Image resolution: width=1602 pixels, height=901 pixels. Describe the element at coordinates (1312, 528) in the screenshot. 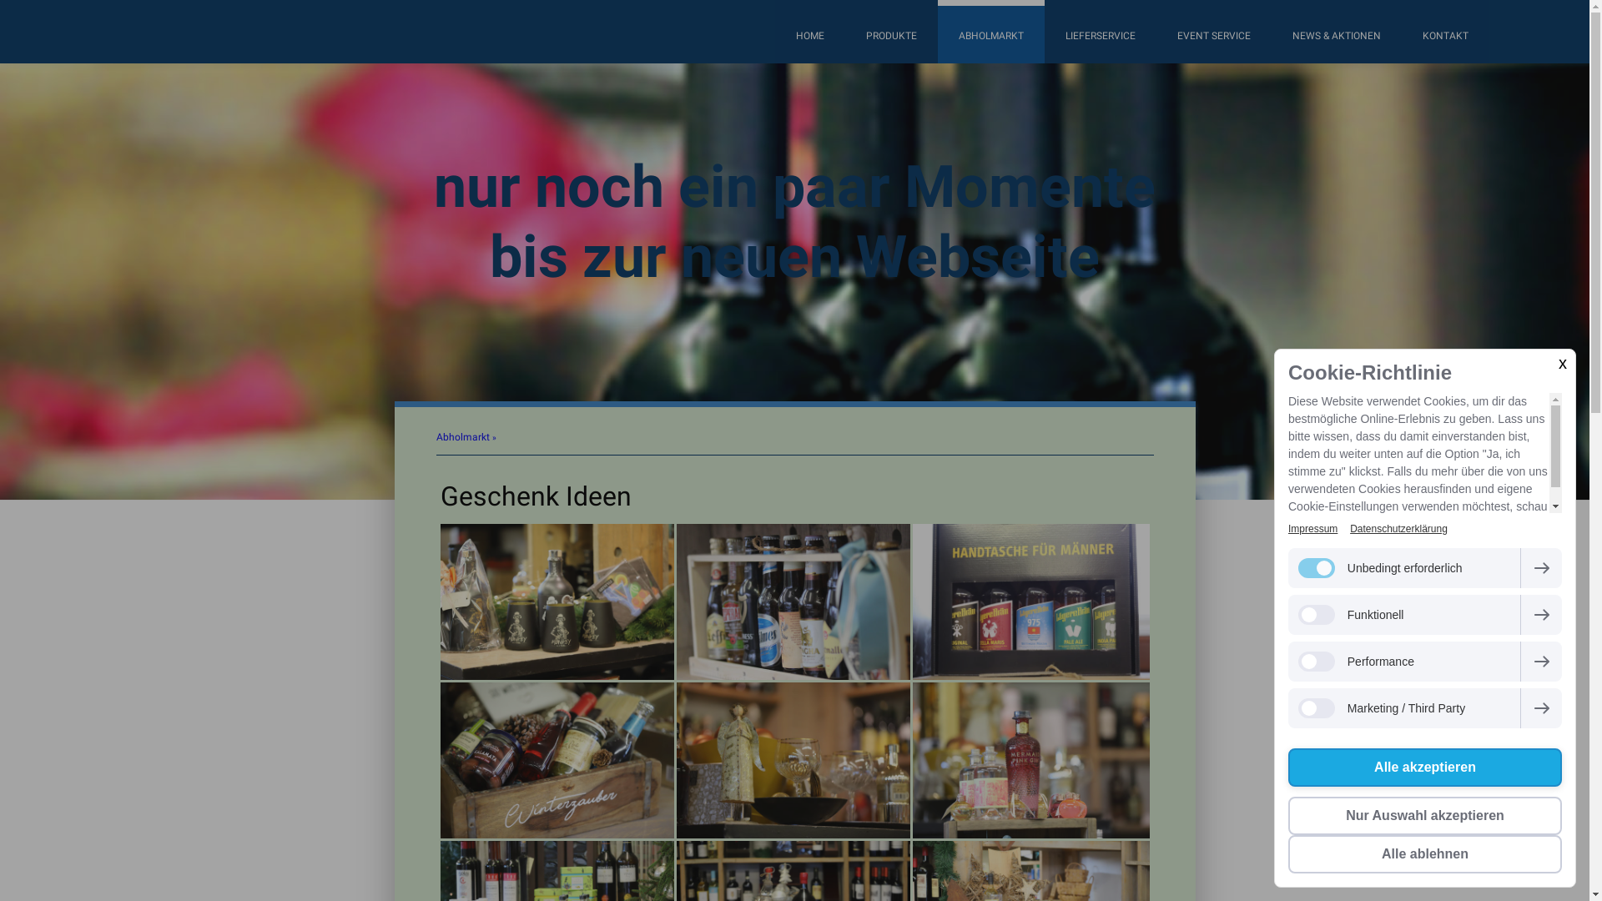

I see `'Impressum'` at that location.